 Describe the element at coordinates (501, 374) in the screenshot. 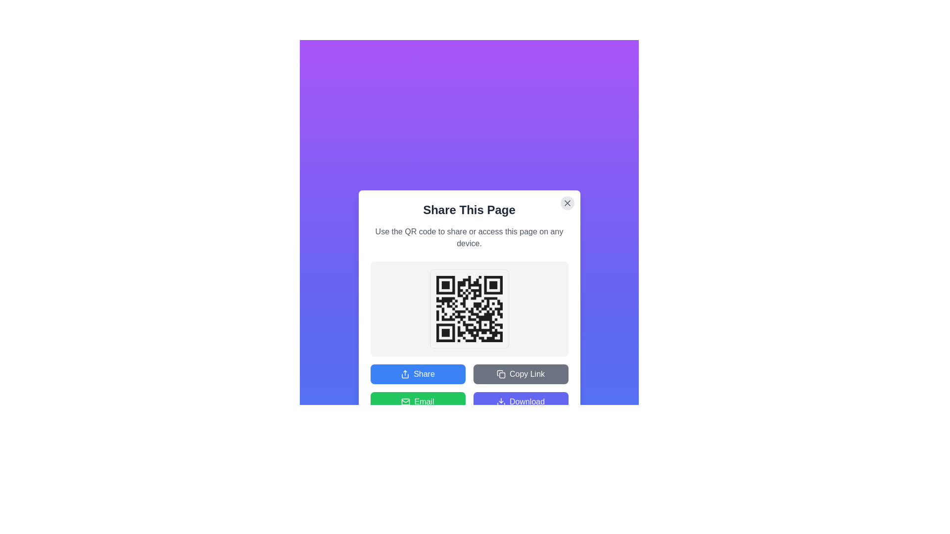

I see `the copy action icon located inside the 'Copy Link' button, which is positioned in the lower-right section of the pop-up dialog, next to the text 'Copy Link'` at that location.